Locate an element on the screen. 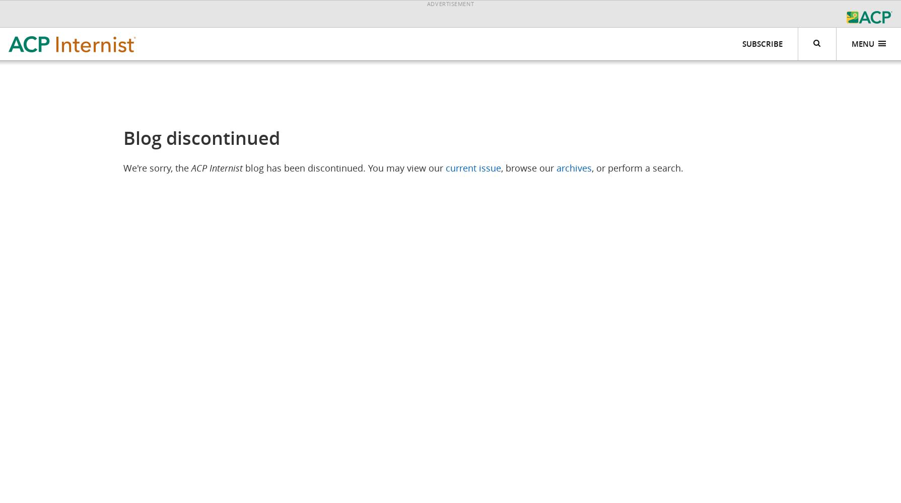  'blog has been discontinued. You may view our' is located at coordinates (343, 167).